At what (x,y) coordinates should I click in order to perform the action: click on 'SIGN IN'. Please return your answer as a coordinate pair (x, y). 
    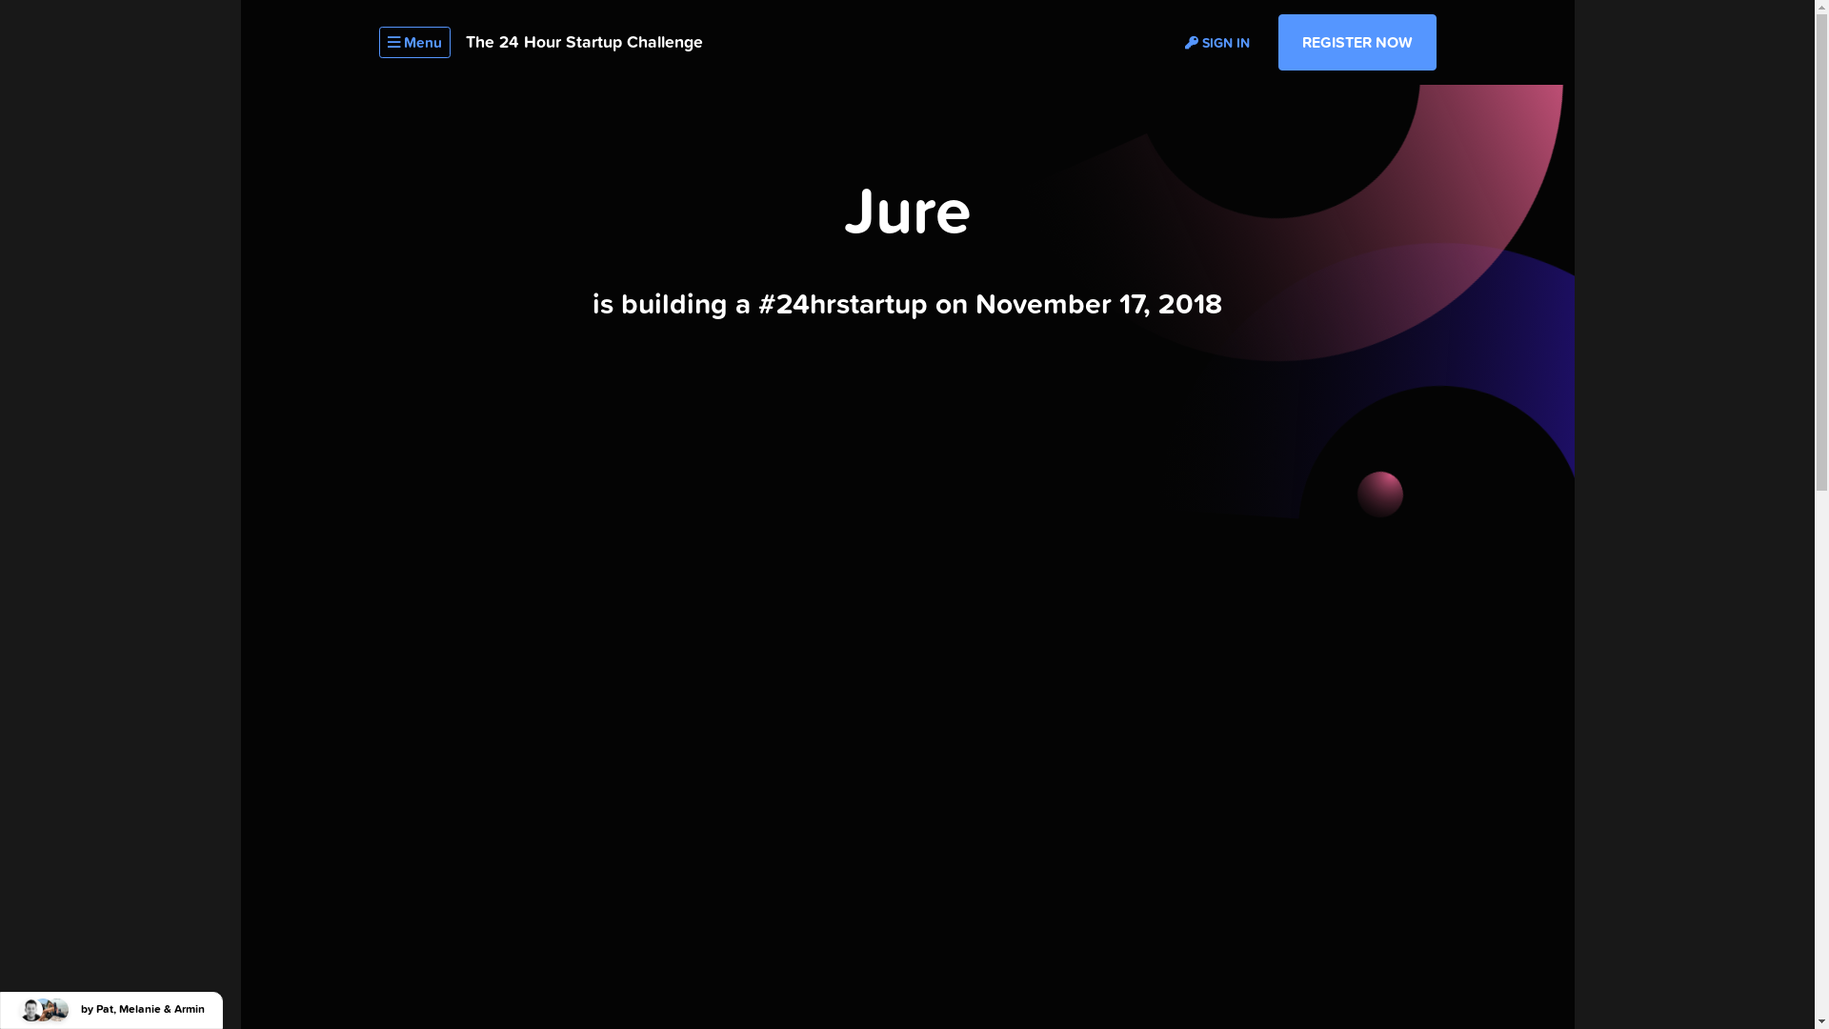
    Looking at the image, I should click on (1216, 41).